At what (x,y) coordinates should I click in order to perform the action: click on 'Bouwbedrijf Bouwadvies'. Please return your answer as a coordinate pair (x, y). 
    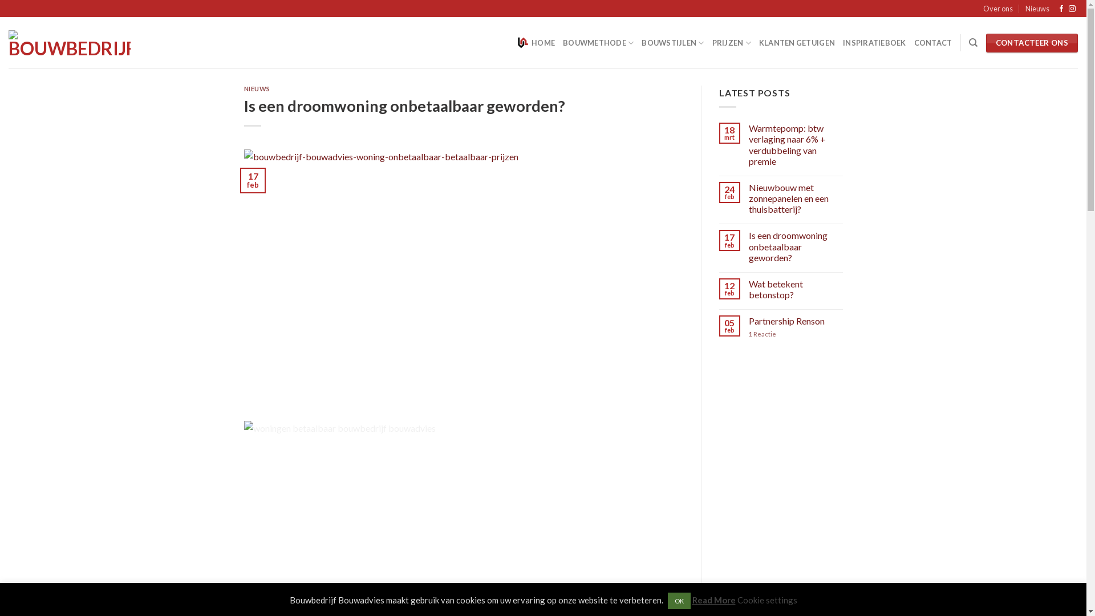
    Looking at the image, I should click on (68, 43).